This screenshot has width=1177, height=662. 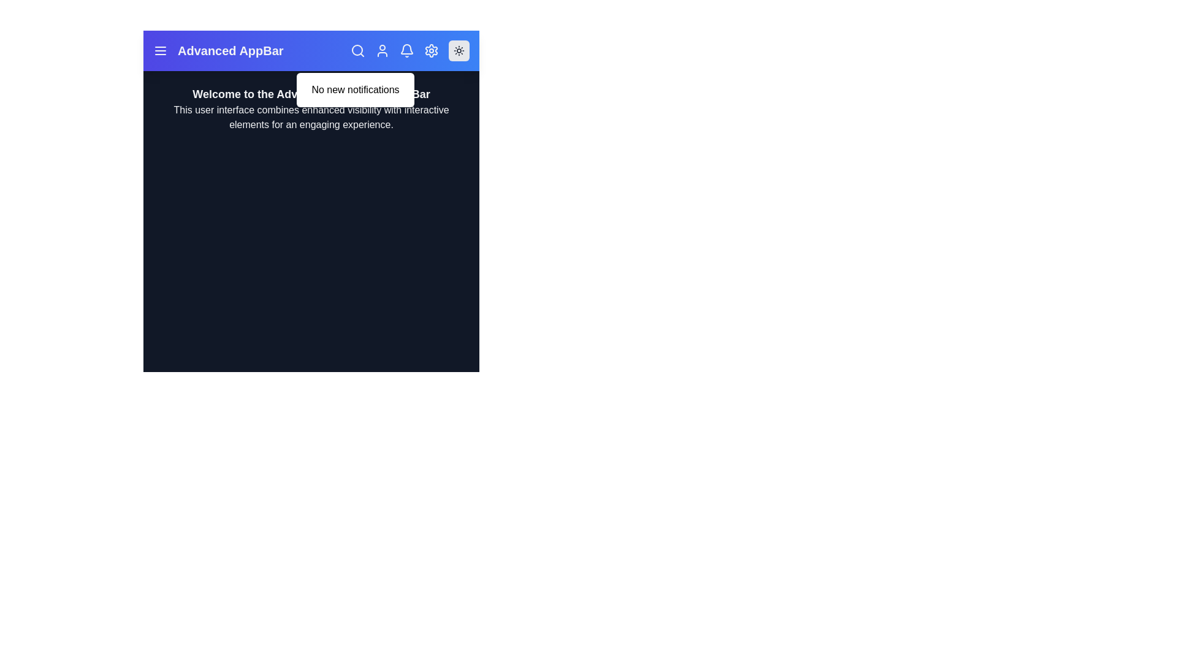 What do you see at coordinates (160, 50) in the screenshot?
I see `the menu icon in the app bar` at bounding box center [160, 50].